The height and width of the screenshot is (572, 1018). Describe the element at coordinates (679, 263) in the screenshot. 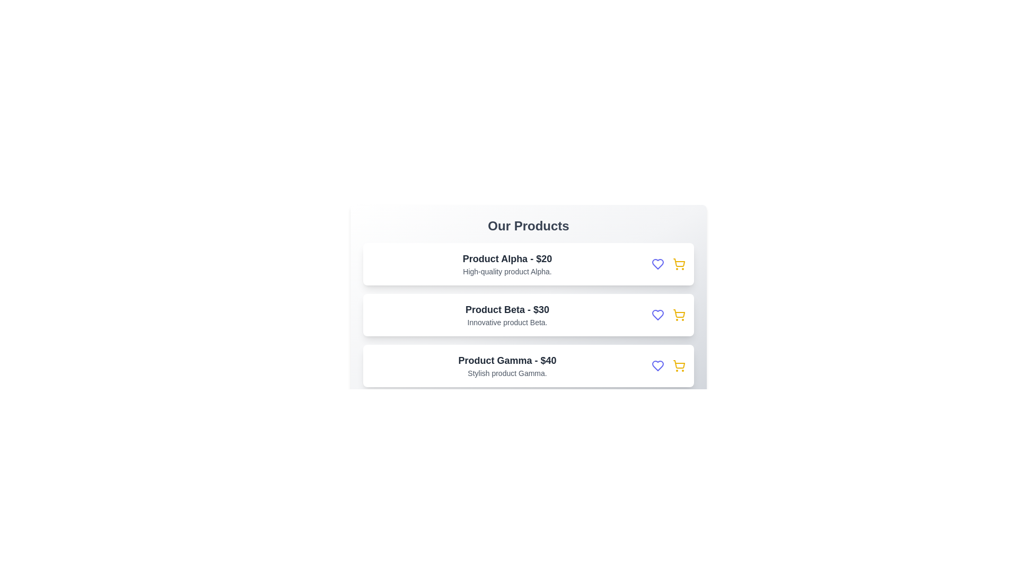

I see `the add-to-cart button for Product Alpha` at that location.